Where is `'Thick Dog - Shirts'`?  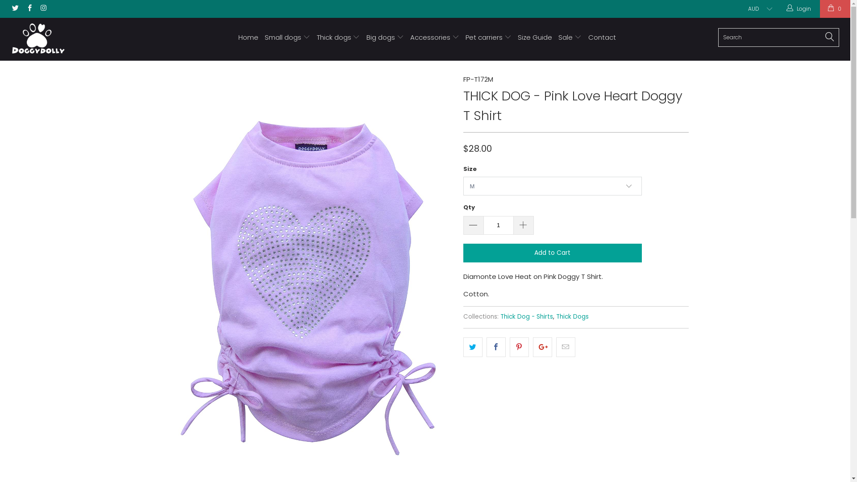 'Thick Dog - Shirts' is located at coordinates (526, 316).